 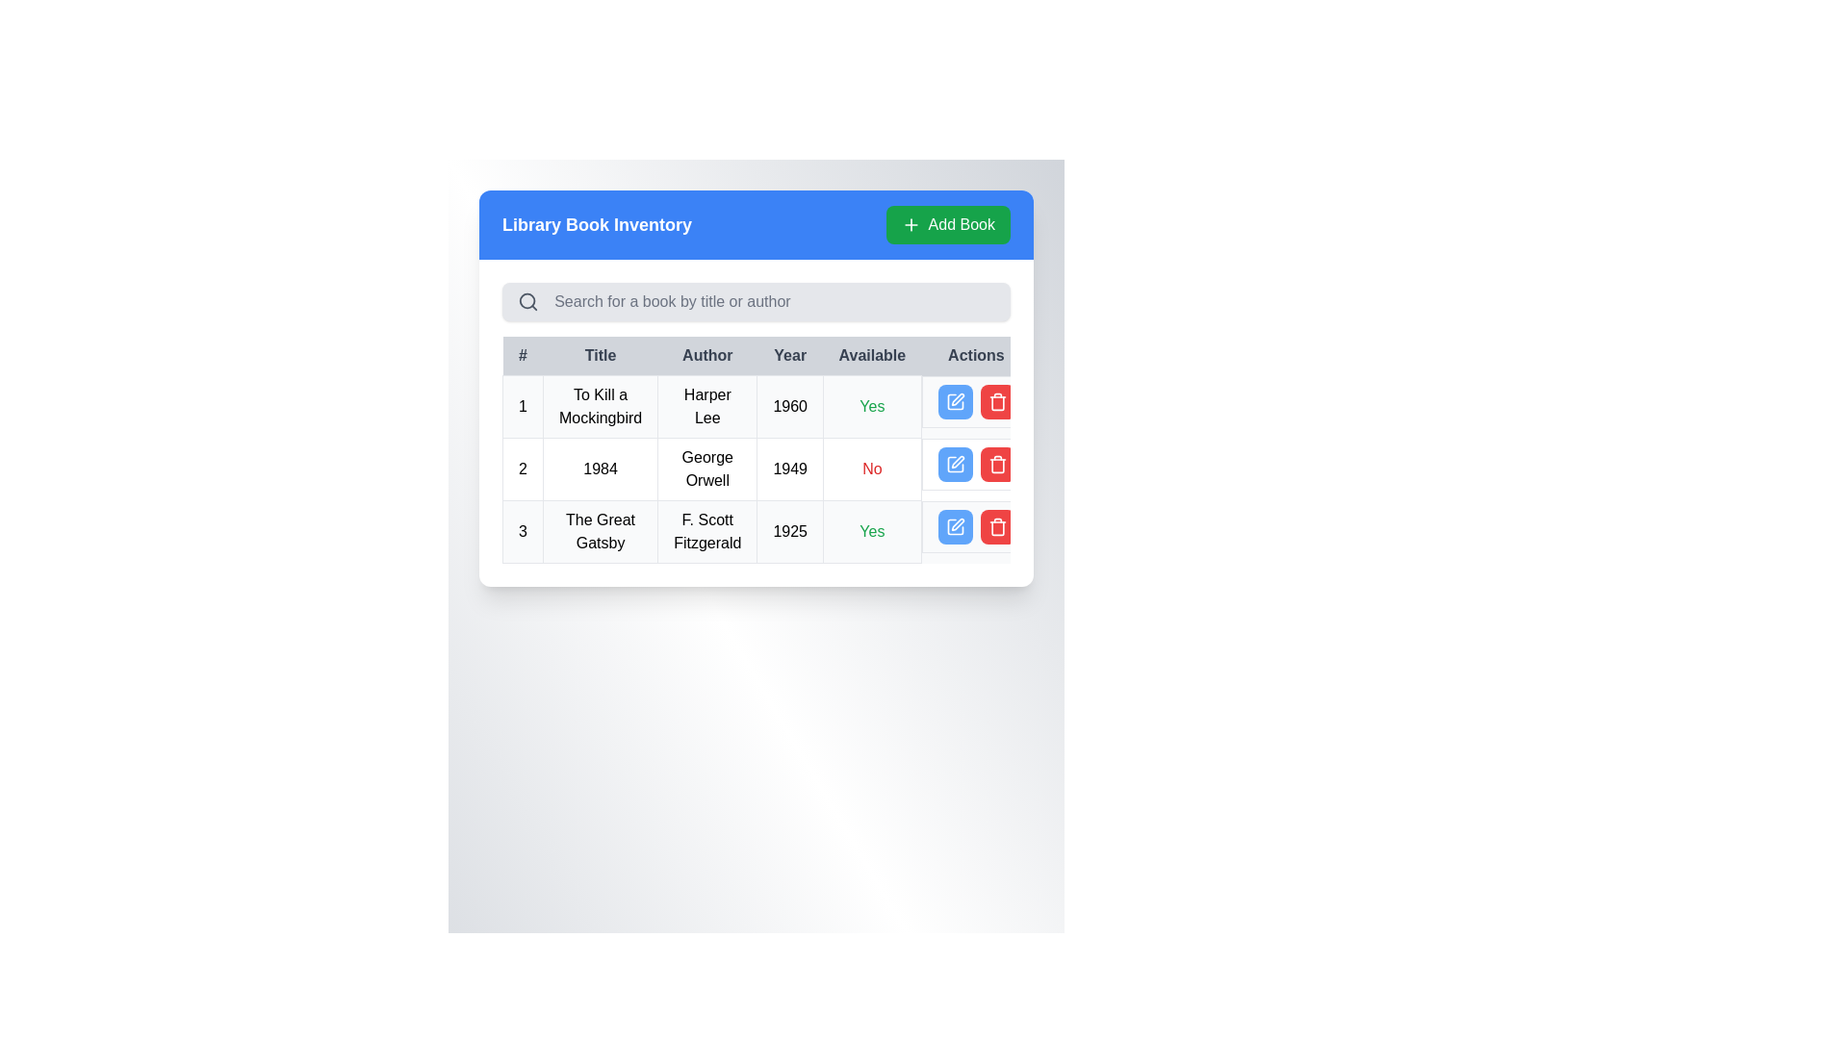 I want to click on information displayed in the text display cell containing 'The Great Gatsby', which is the second cell in the third row of the table under the 'Title' column, so click(x=600, y=531).